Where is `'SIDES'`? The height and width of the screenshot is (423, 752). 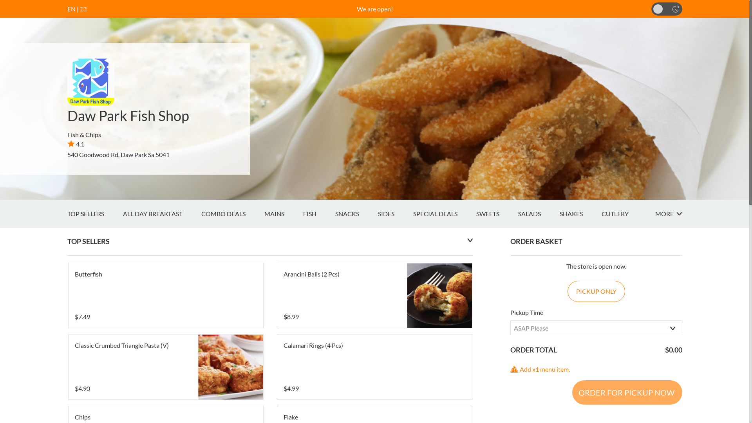 'SIDES' is located at coordinates (395, 214).